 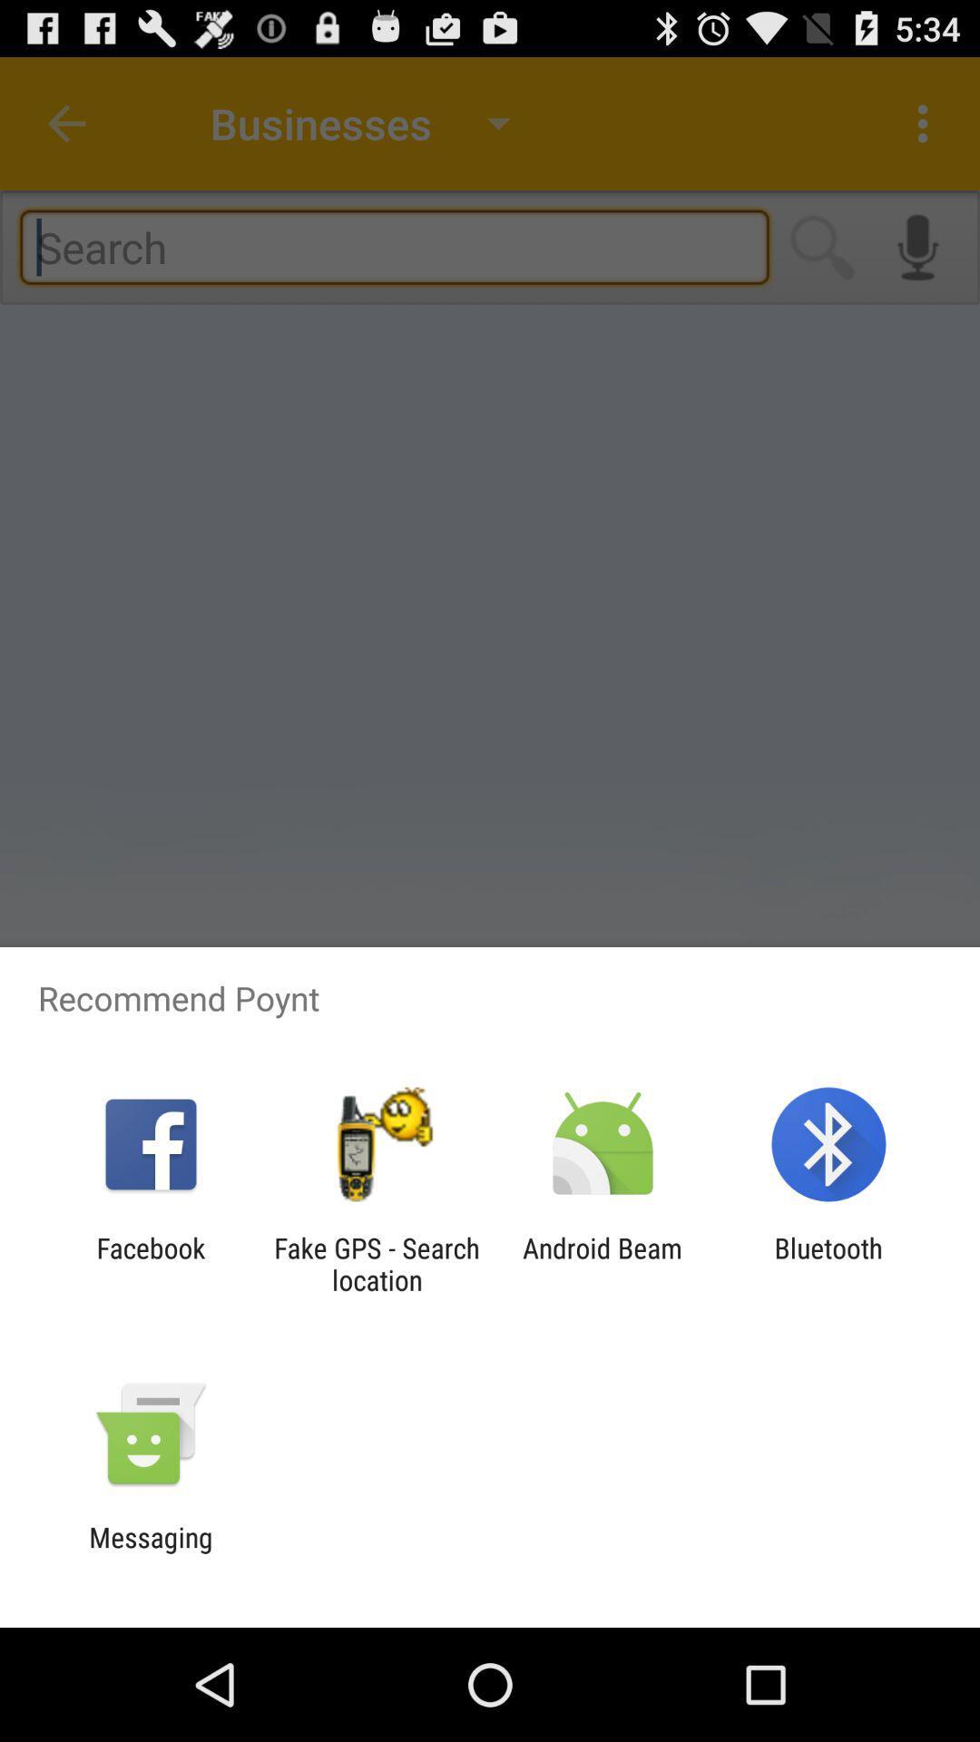 What do you see at coordinates (828, 1263) in the screenshot?
I see `the bluetooth app` at bounding box center [828, 1263].